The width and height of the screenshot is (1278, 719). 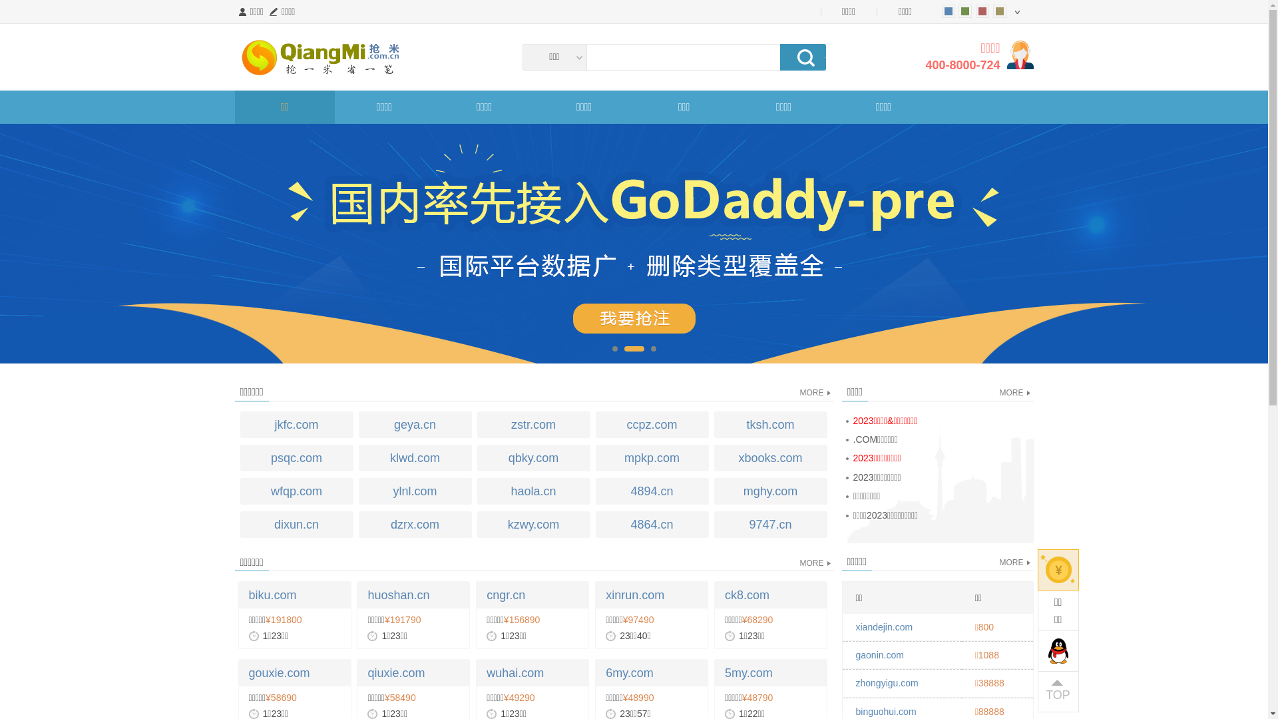 I want to click on 'haola.cn', so click(x=533, y=491).